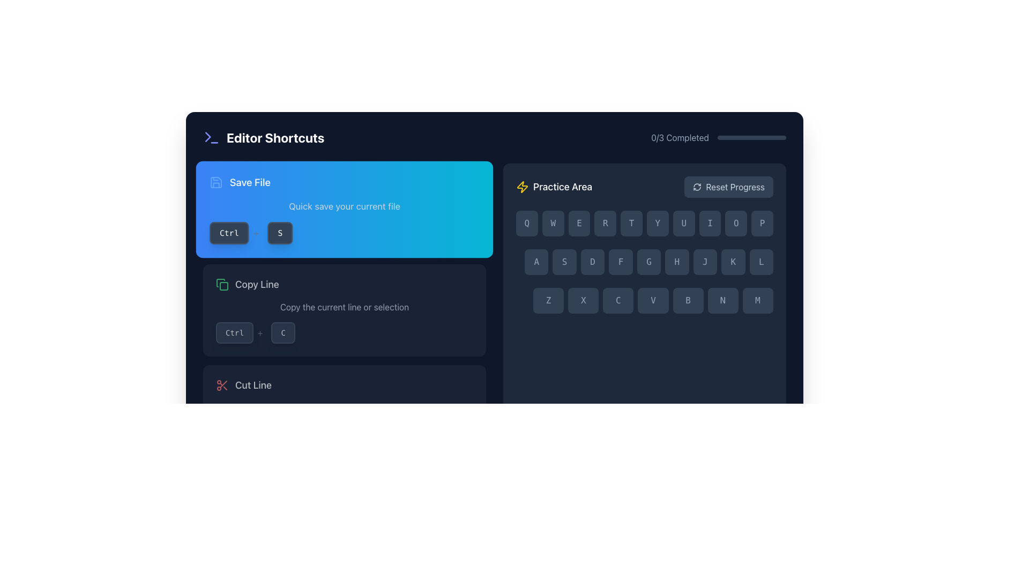 This screenshot has width=1029, height=579. I want to click on the rounded rectangular button with a dark slate-blue background and light gray text displaying 'R', located in the 'Practice Area' section of the virtual keyboard, so click(605, 222).